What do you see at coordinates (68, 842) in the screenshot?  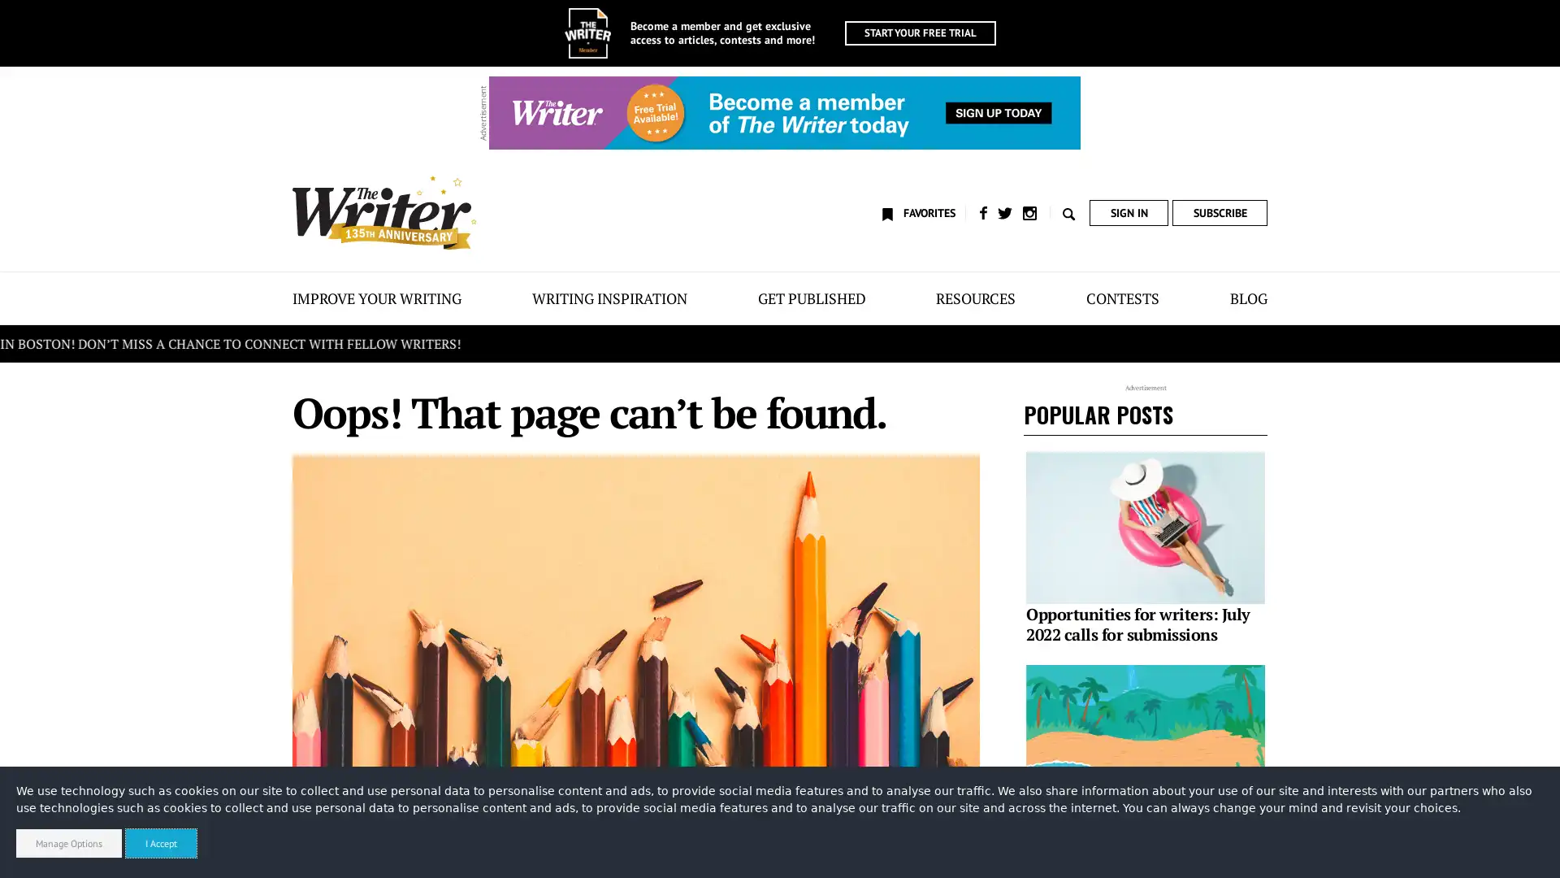 I see `Manage Options` at bounding box center [68, 842].